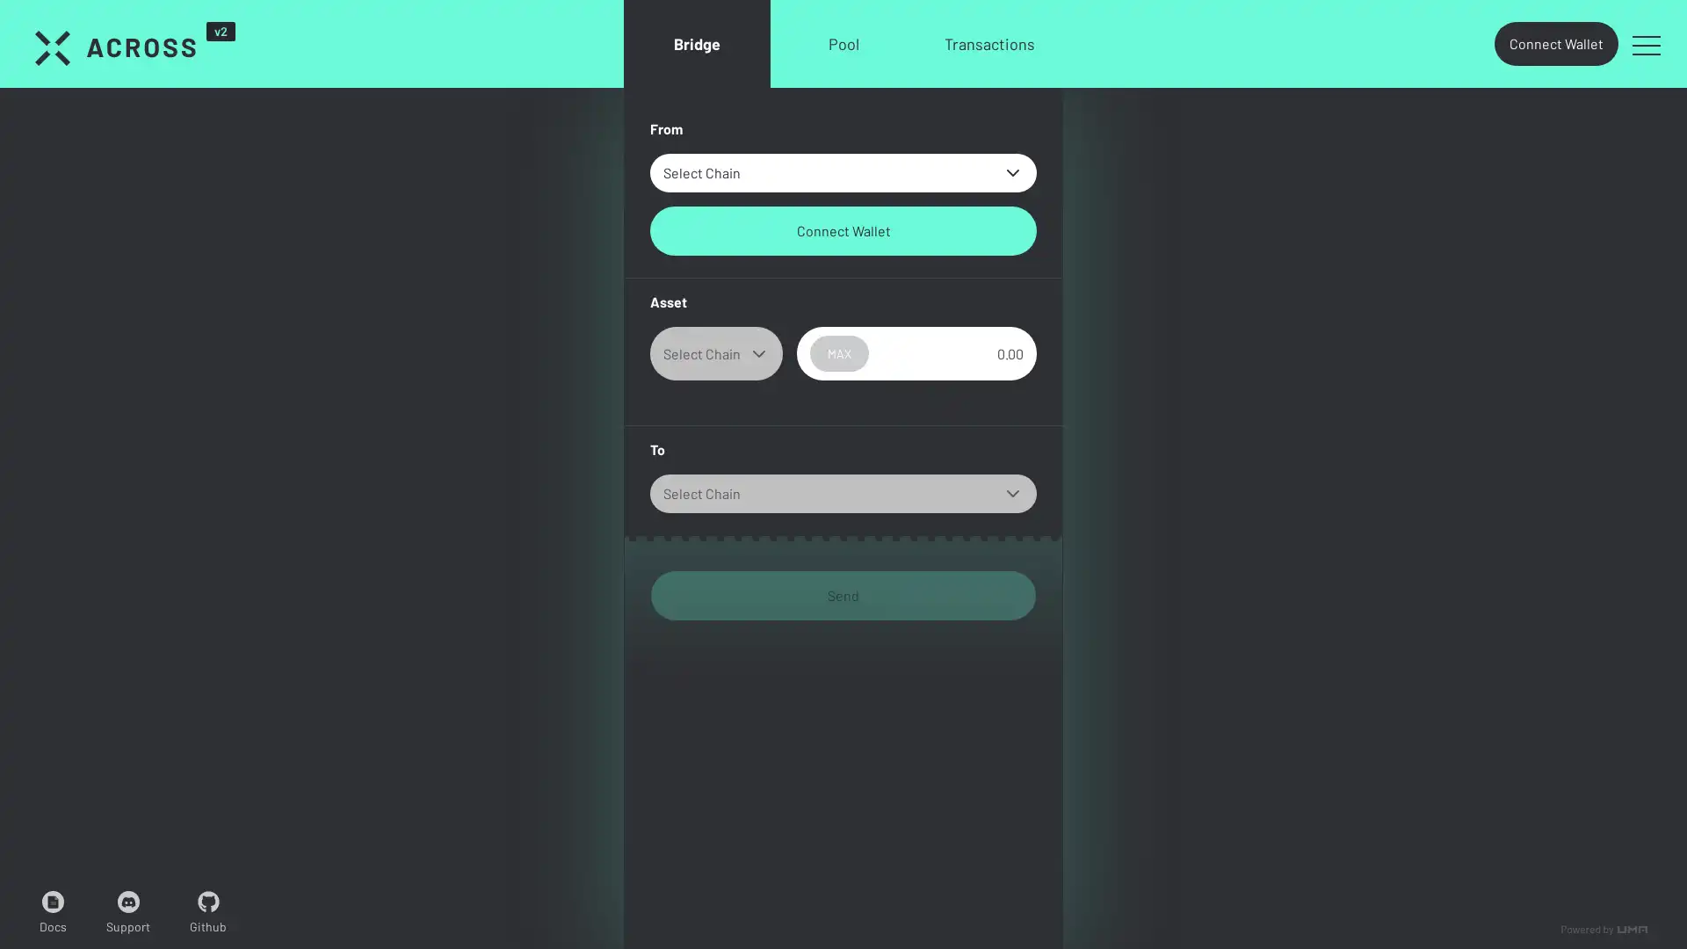  What do you see at coordinates (843, 595) in the screenshot?
I see `Send` at bounding box center [843, 595].